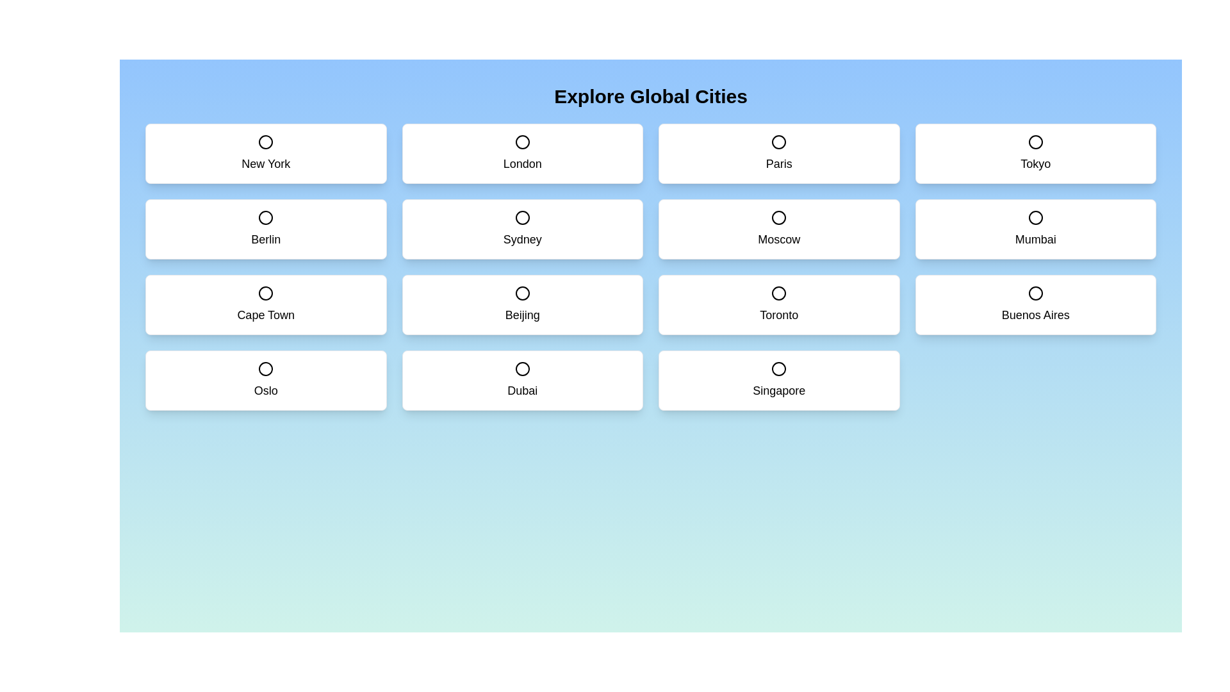  What do you see at coordinates (1035, 152) in the screenshot?
I see `the city card labeled Tokyo to toggle its selection state` at bounding box center [1035, 152].